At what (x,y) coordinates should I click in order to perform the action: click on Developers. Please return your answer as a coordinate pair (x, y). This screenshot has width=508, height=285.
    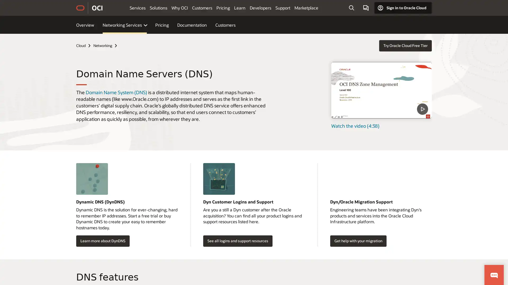
    Looking at the image, I should click on (260, 8).